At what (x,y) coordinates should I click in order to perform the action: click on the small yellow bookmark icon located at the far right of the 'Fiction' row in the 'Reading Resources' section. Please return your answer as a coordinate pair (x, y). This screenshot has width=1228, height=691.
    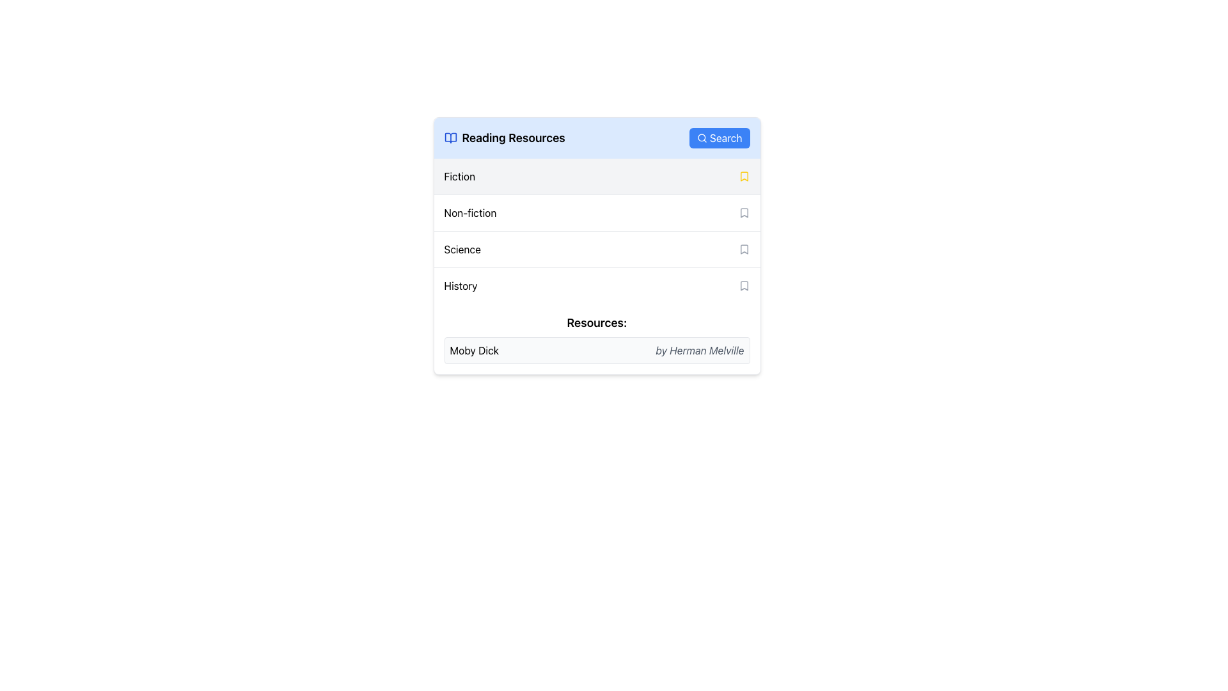
    Looking at the image, I should click on (744, 177).